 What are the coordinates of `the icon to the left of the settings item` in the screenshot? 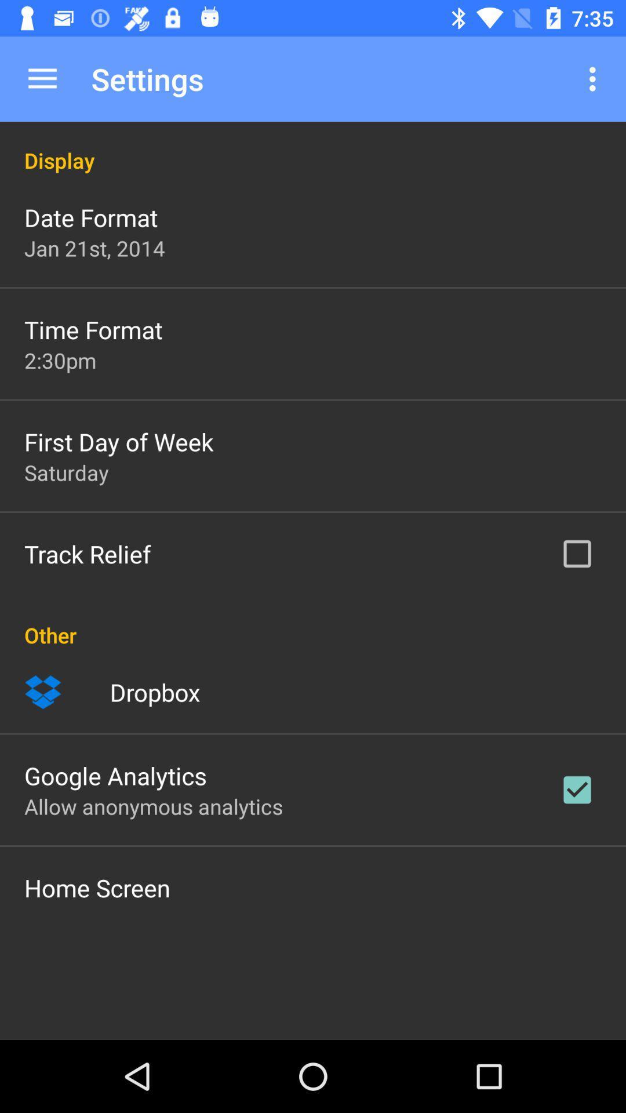 It's located at (42, 78).